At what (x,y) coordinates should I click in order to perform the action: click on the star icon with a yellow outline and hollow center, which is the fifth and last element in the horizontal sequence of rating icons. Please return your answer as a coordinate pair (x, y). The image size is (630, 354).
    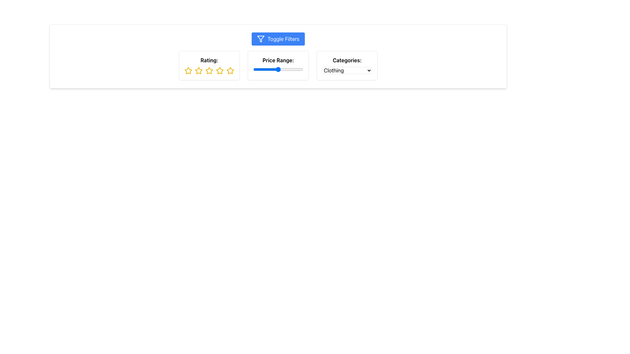
    Looking at the image, I should click on (230, 70).